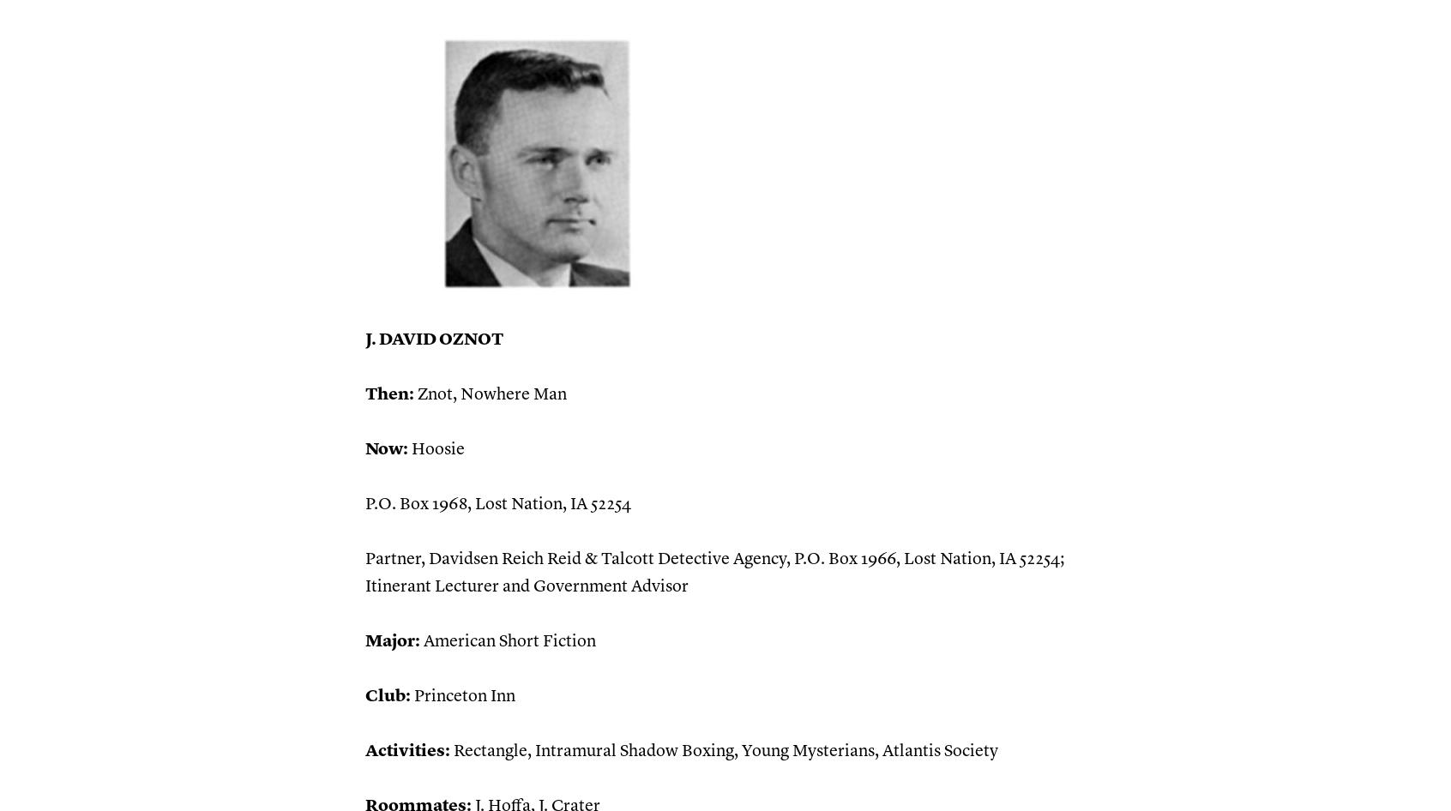 Image resolution: width=1451 pixels, height=811 pixels. Describe the element at coordinates (462, 696) in the screenshot. I see `'Princeton Inn'` at that location.